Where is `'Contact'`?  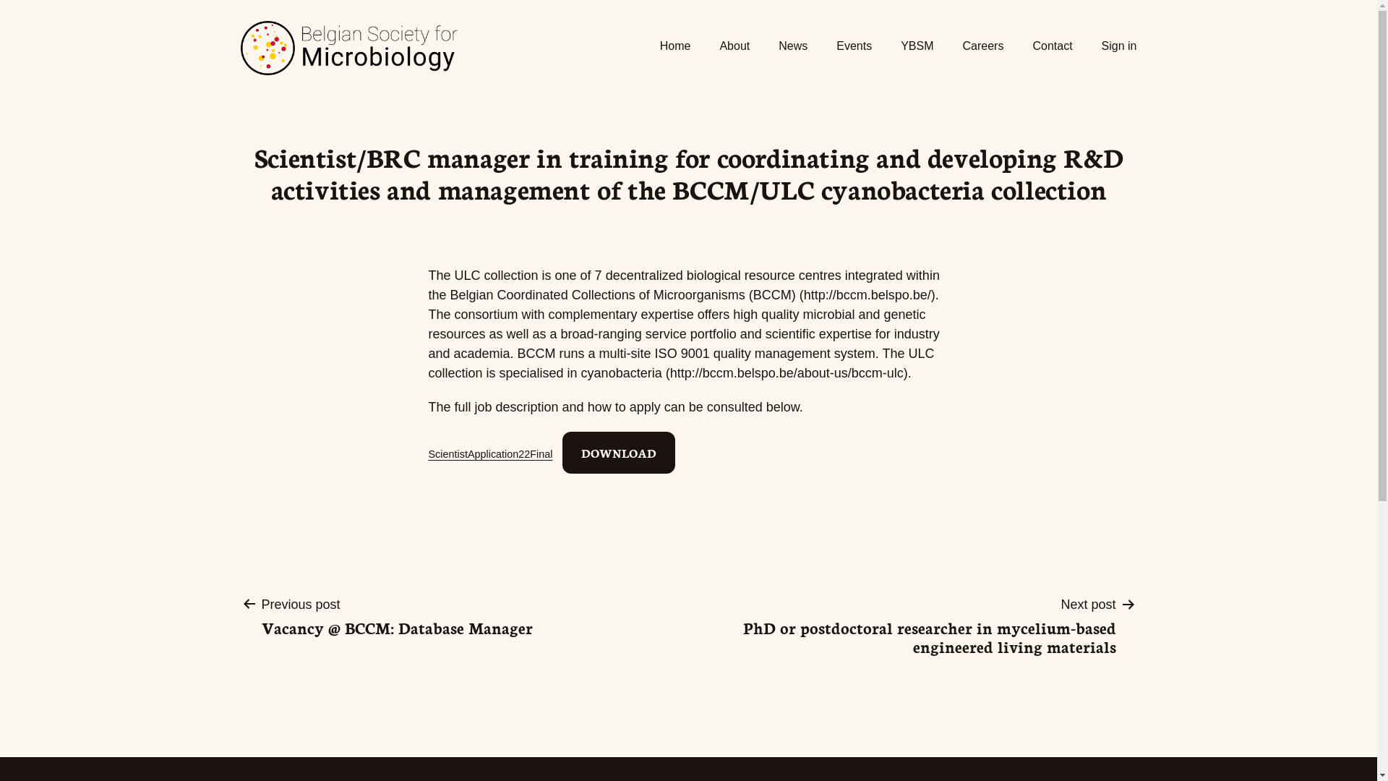 'Contact' is located at coordinates (1016, 46).